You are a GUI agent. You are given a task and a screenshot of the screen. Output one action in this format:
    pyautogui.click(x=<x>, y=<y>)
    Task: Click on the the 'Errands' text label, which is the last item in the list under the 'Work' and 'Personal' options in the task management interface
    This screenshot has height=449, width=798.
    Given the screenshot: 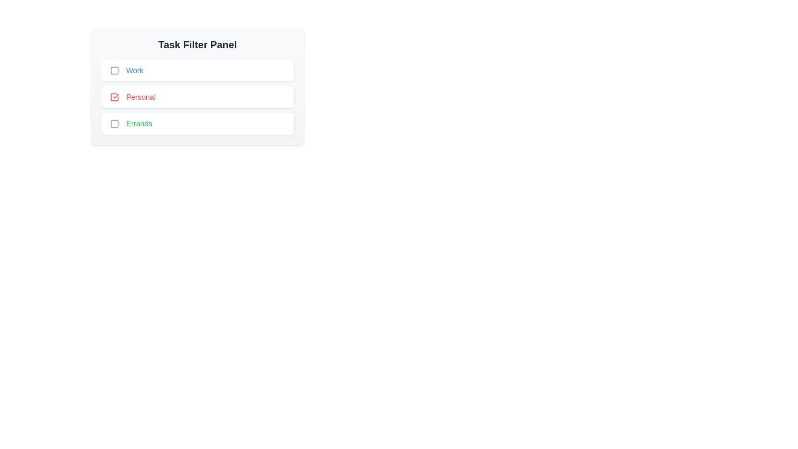 What is the action you would take?
    pyautogui.click(x=139, y=123)
    